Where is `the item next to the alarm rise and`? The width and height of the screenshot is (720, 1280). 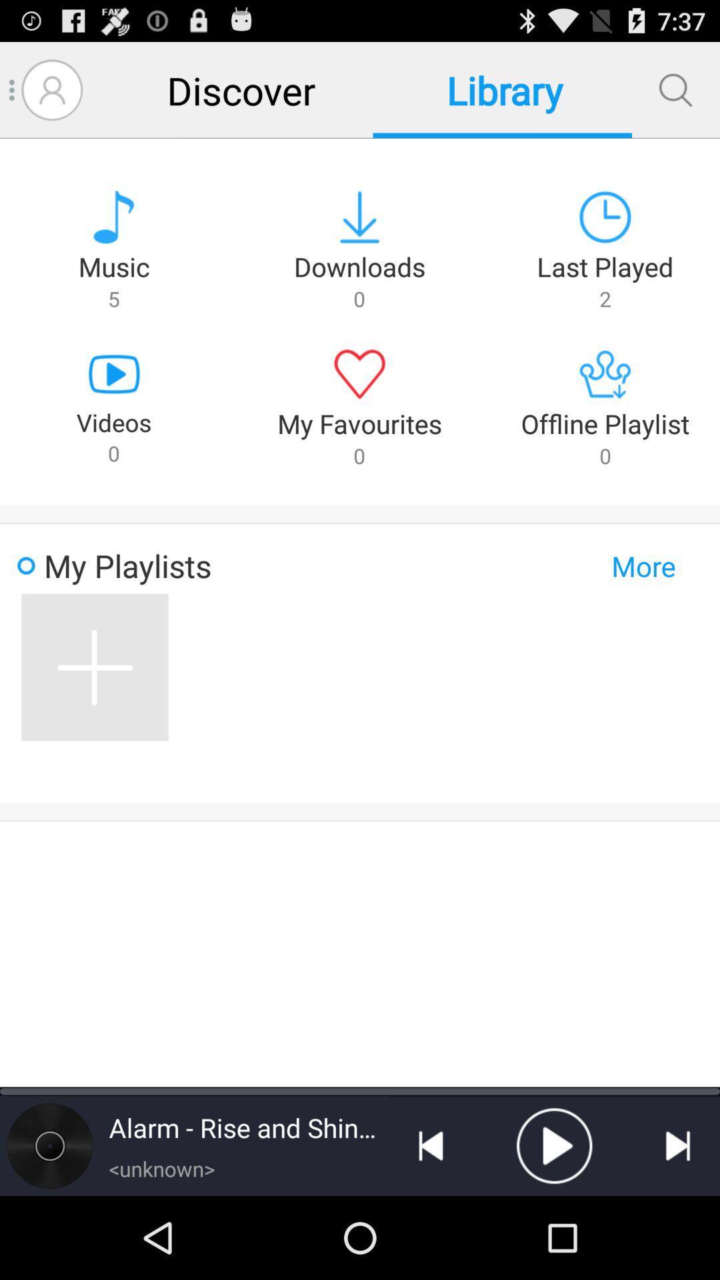 the item next to the alarm rise and is located at coordinates (49, 1145).